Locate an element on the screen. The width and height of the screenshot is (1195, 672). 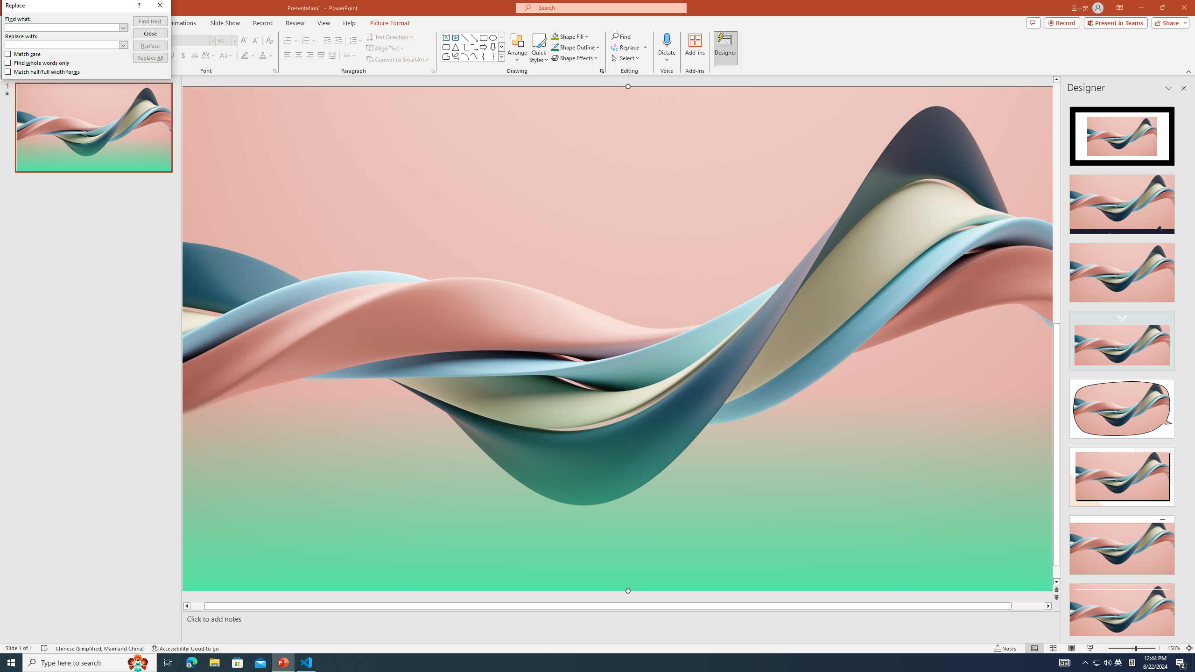
'Curve' is located at coordinates (474, 56).